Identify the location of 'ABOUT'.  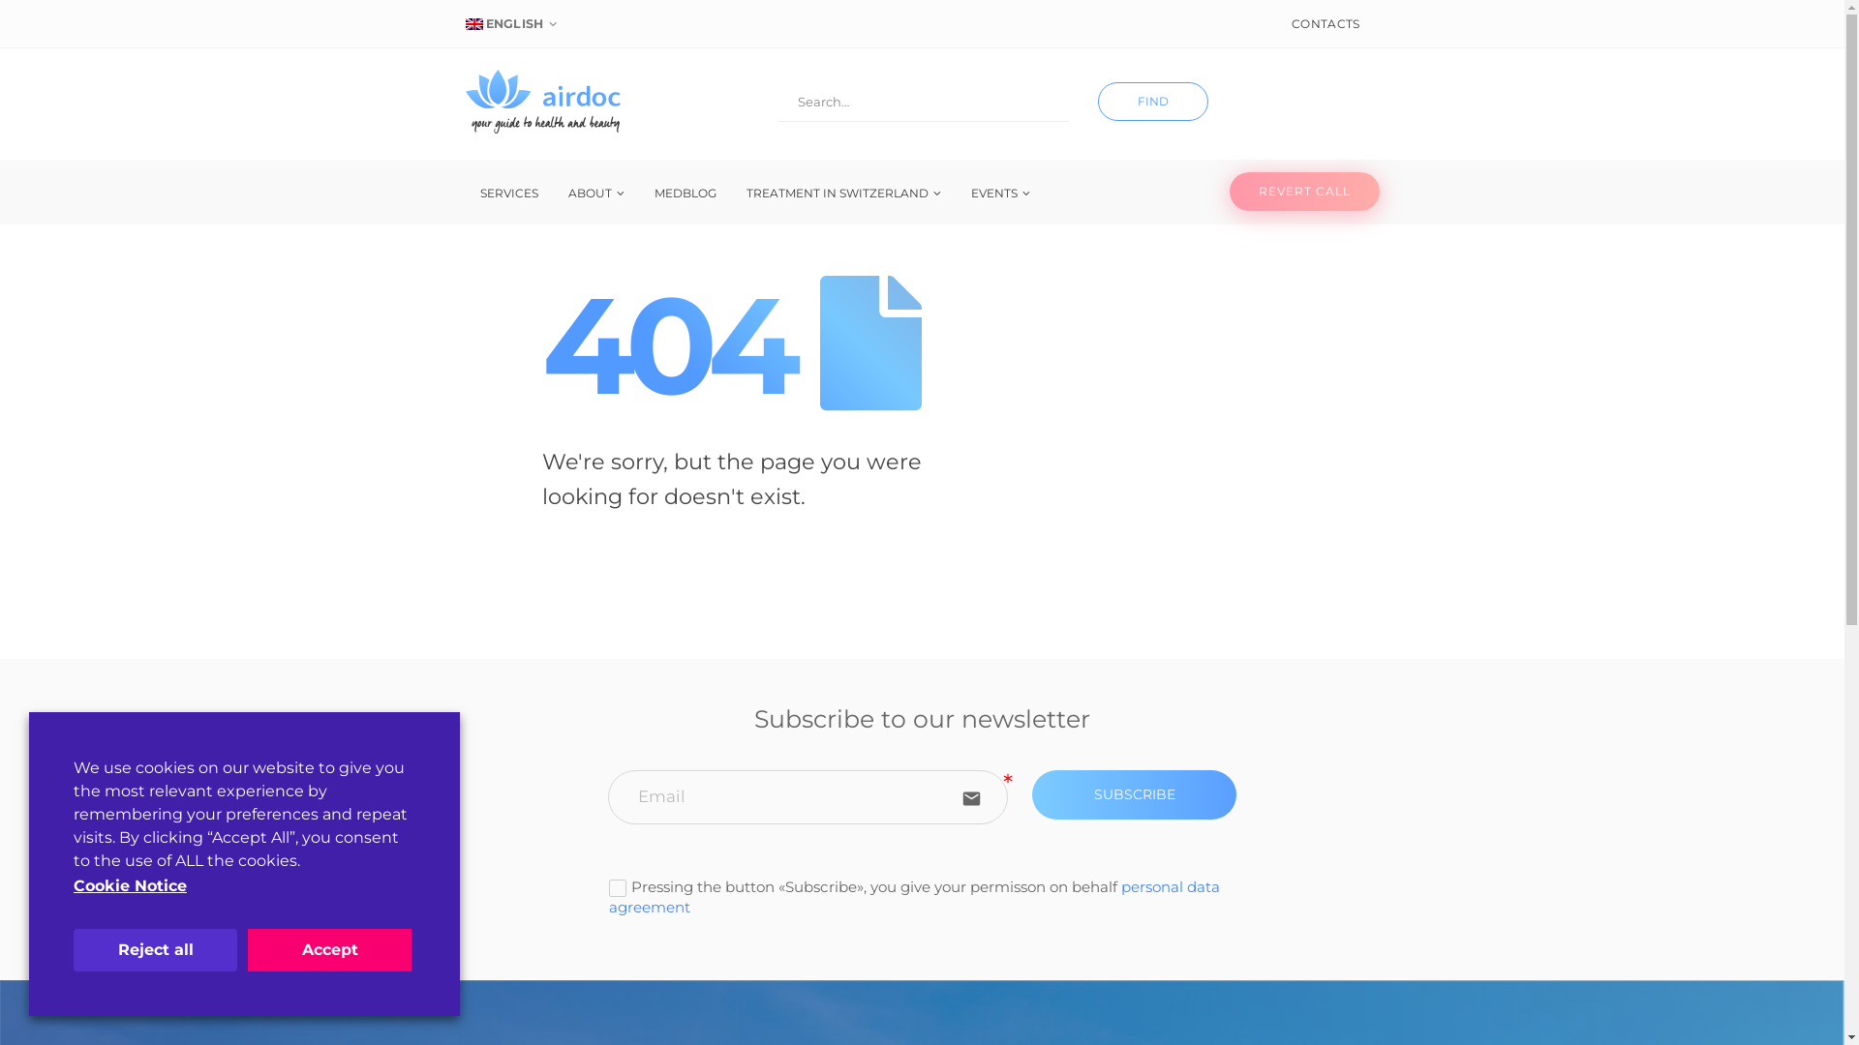
(594, 194).